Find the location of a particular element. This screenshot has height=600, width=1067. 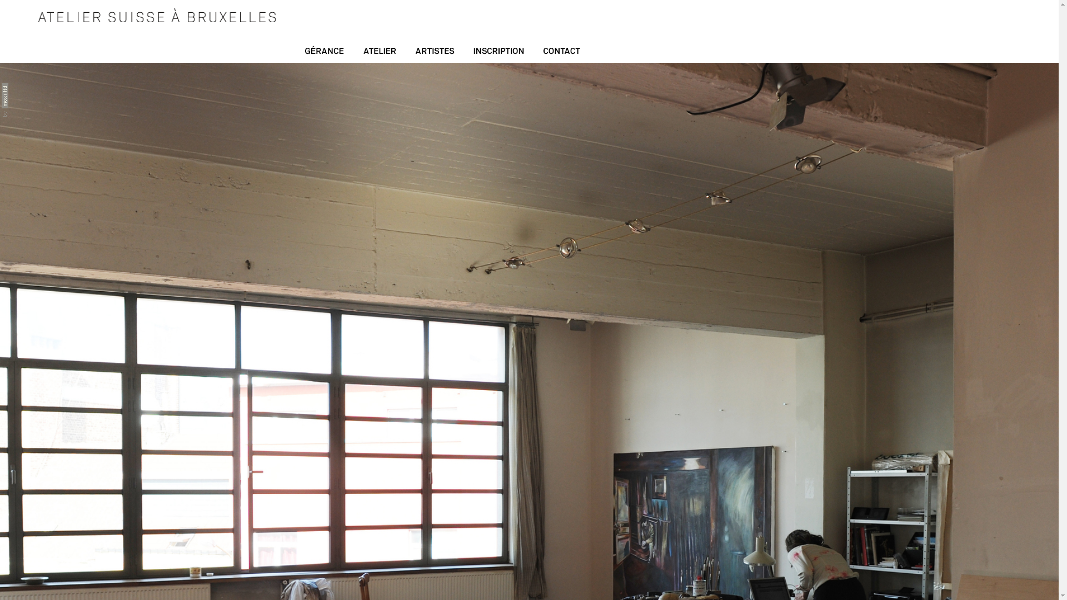

'ATELIER' is located at coordinates (353, 53).